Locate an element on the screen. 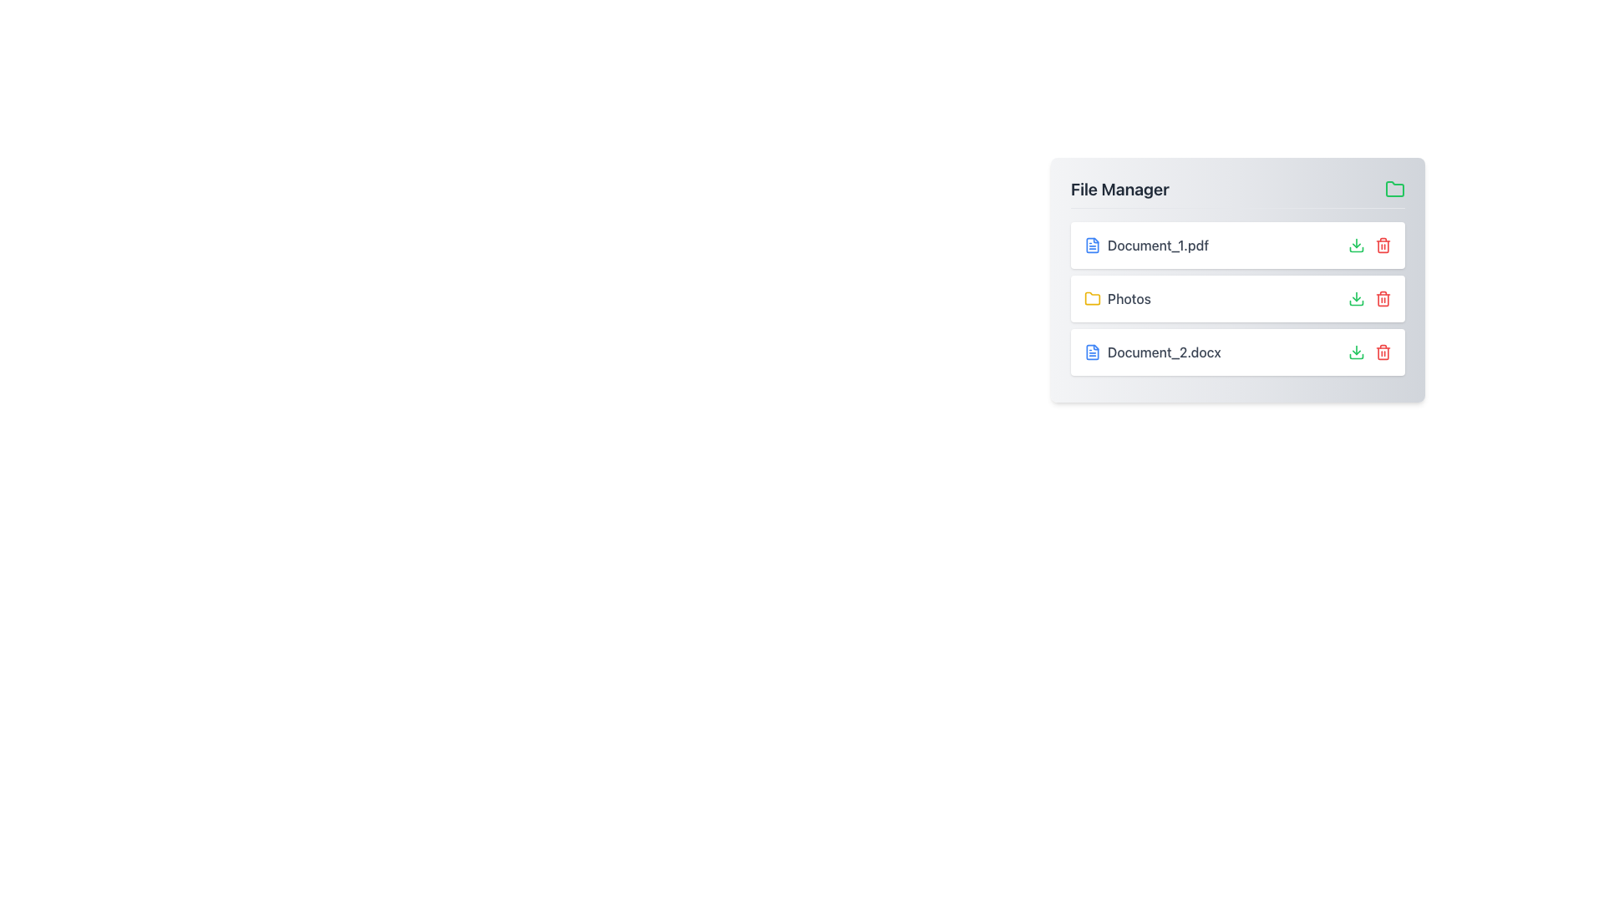 This screenshot has height=902, width=1604. the red trash icon located in the far right column of the 'Document_2.docx' row within the 'File Manager' interface is located at coordinates (1383, 351).